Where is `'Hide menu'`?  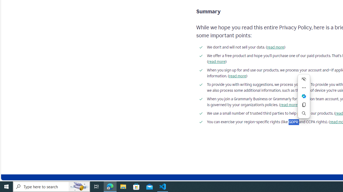
'Hide menu' is located at coordinates (304, 79).